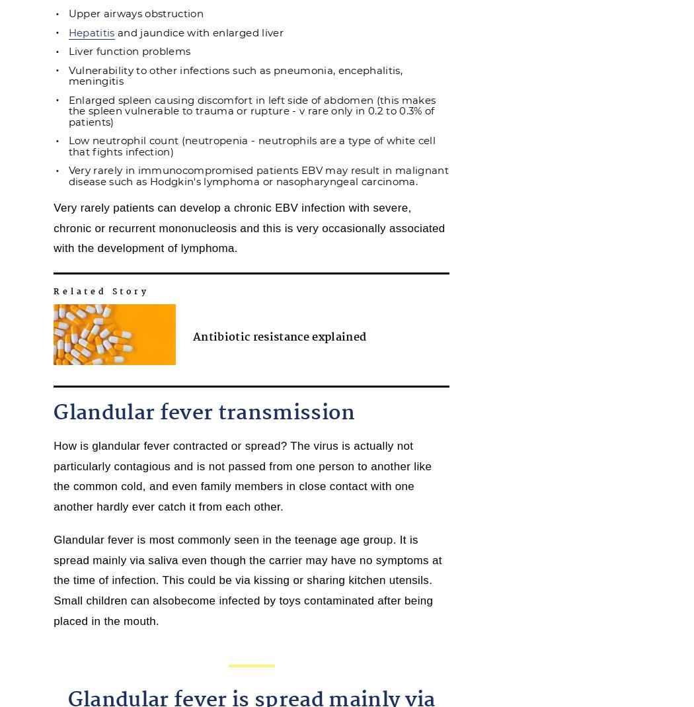 The width and height of the screenshot is (694, 707). What do you see at coordinates (53, 228) in the screenshot?
I see `'Very rarely patients can develop a chronic EBV infection with severe, chronic or recurrent mononucleosis and this is very occasionally associated with the development of lymphoma.'` at bounding box center [53, 228].